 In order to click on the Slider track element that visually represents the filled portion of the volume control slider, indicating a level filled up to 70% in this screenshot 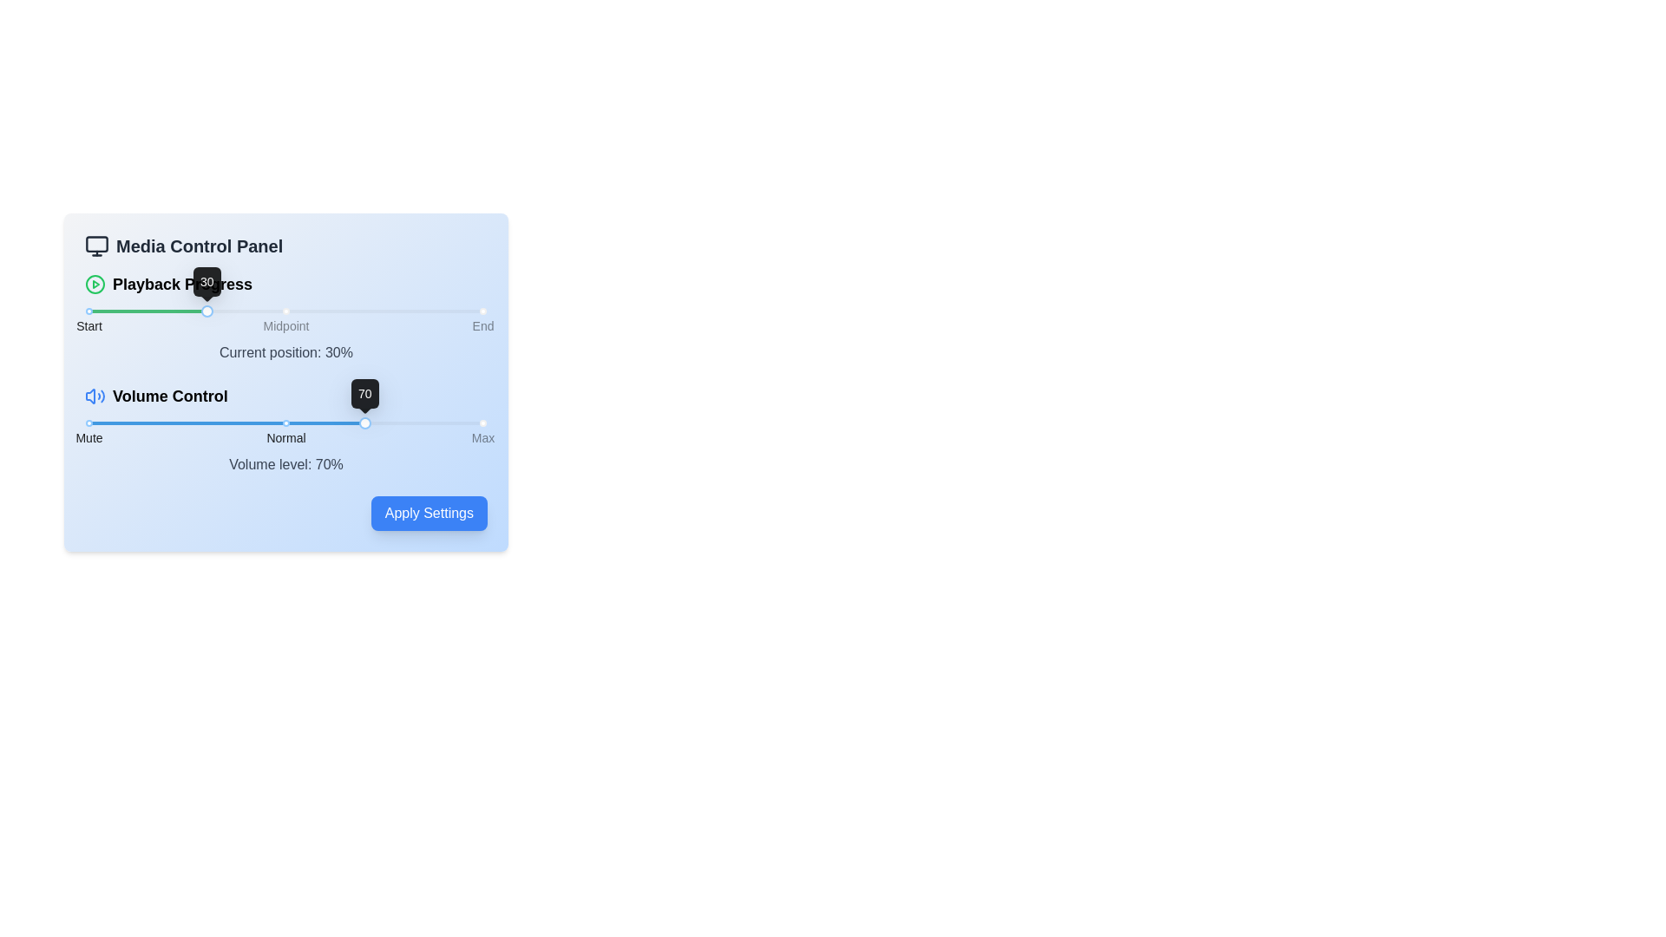, I will do `click(226, 423)`.